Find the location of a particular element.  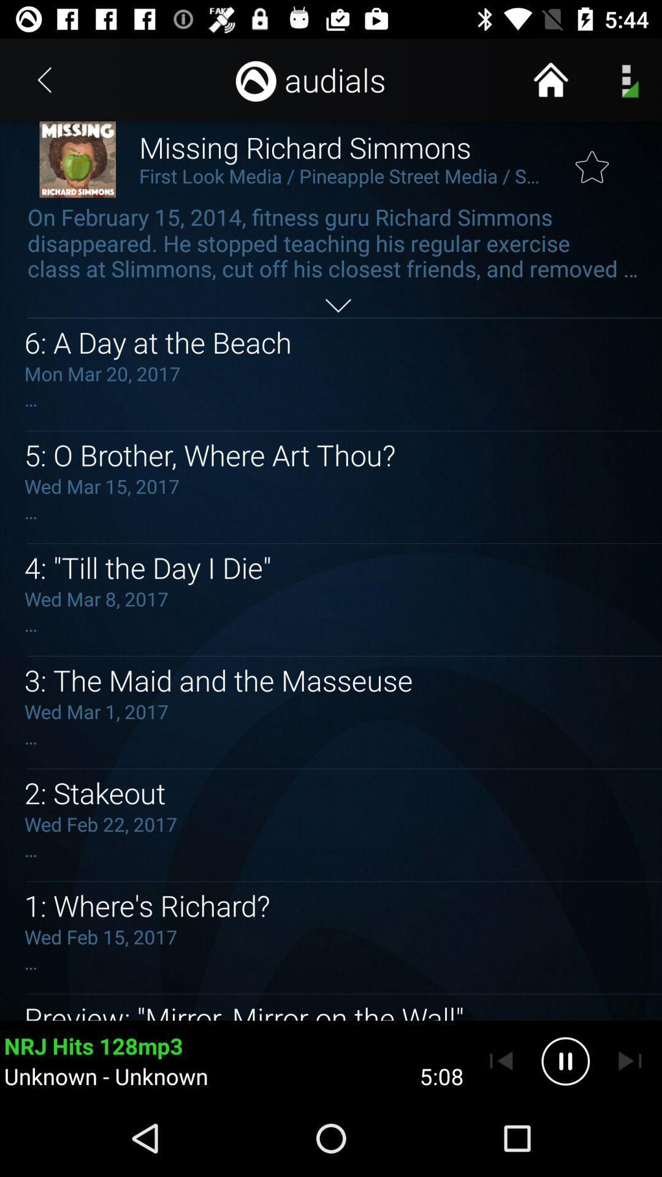

the posting is located at coordinates (592, 159).